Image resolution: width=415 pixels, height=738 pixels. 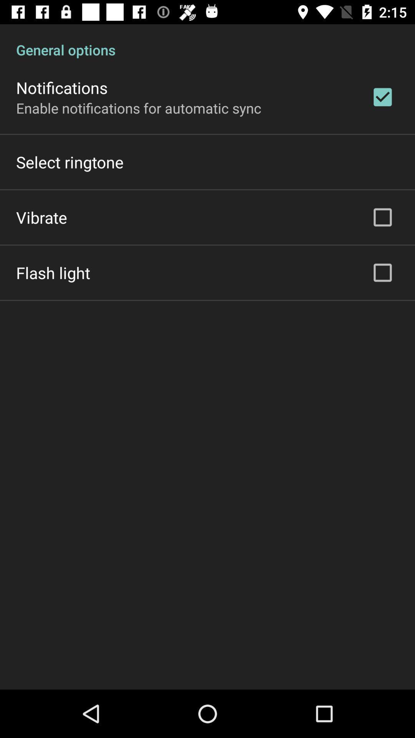 I want to click on vibrate item, so click(x=41, y=217).